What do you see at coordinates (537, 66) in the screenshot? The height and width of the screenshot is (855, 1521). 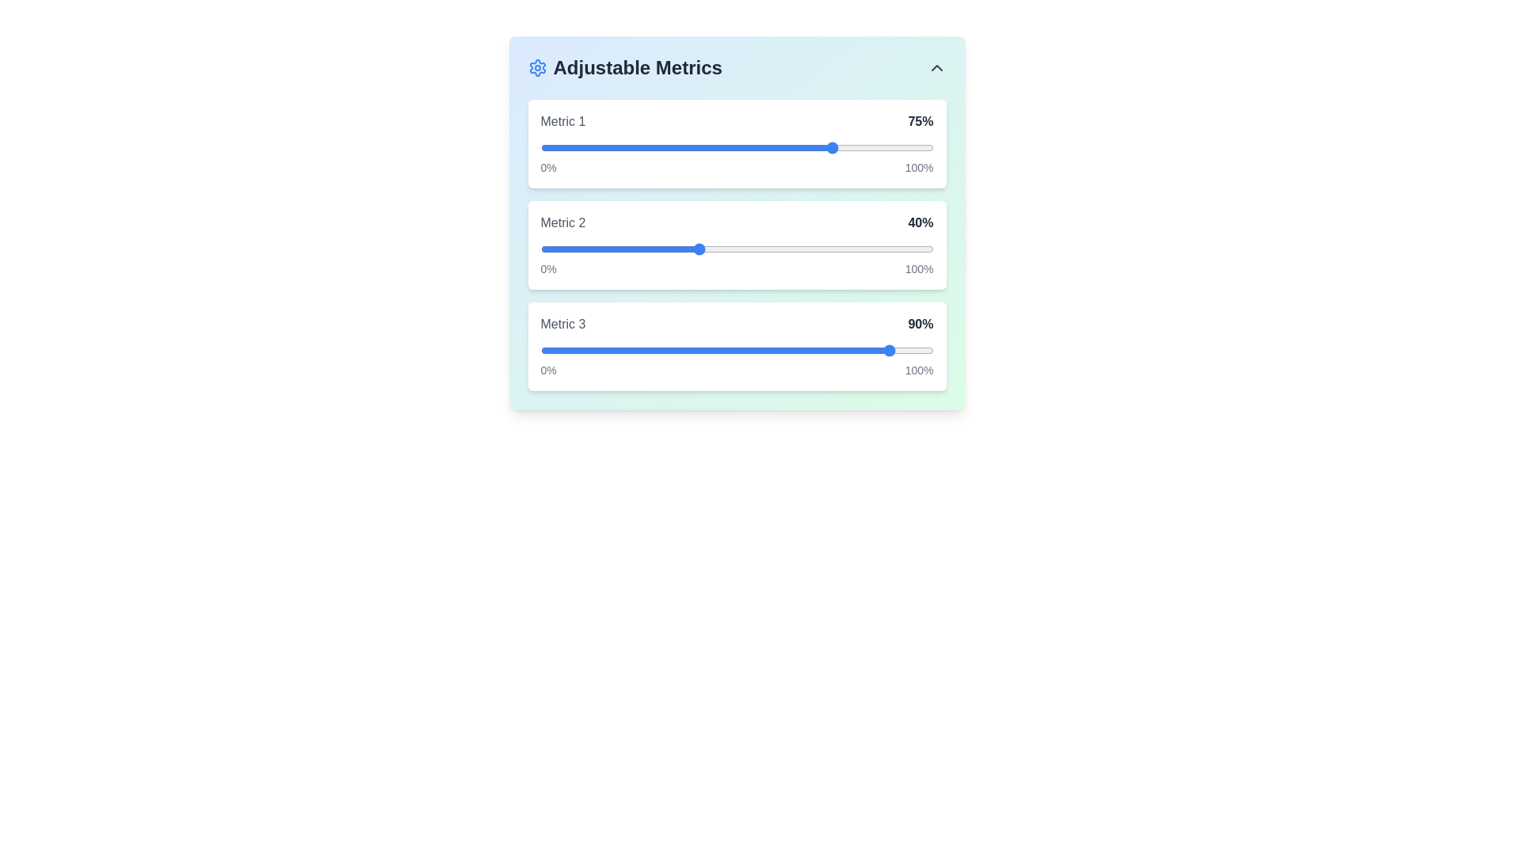 I see `the settings gear icon located to the left of the 'Adjustable Metrics' text in the header area` at bounding box center [537, 66].